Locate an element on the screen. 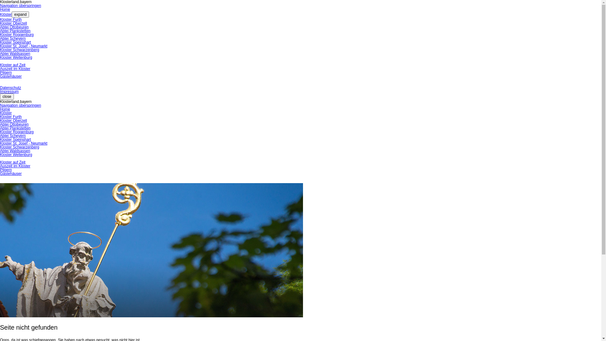 Image resolution: width=606 pixels, height=341 pixels. 'Kloster Furth' is located at coordinates (0, 19).